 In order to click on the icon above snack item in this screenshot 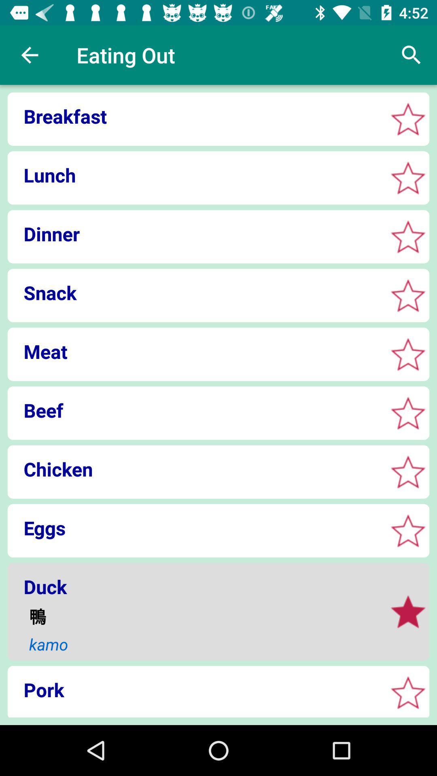, I will do `click(195, 233)`.